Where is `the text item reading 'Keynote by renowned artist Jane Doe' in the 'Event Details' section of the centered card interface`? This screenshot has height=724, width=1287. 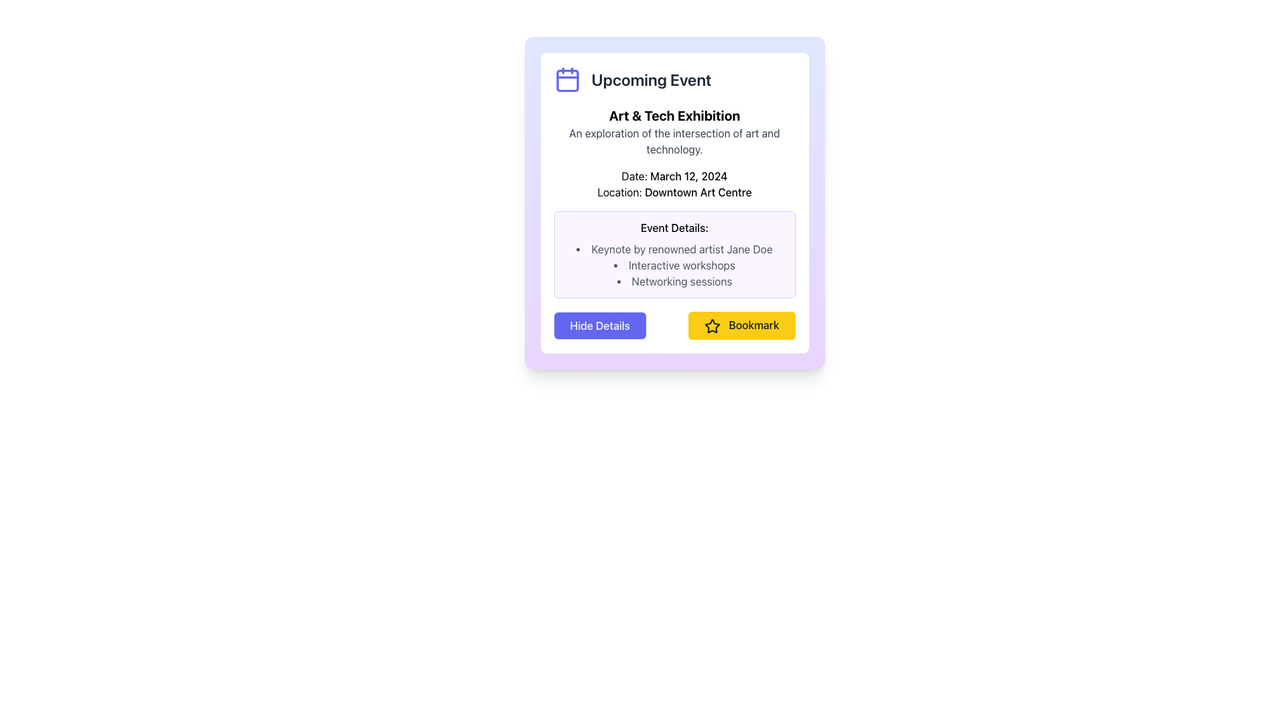
the text item reading 'Keynote by renowned artist Jane Doe' in the 'Event Details' section of the centered card interface is located at coordinates (674, 249).